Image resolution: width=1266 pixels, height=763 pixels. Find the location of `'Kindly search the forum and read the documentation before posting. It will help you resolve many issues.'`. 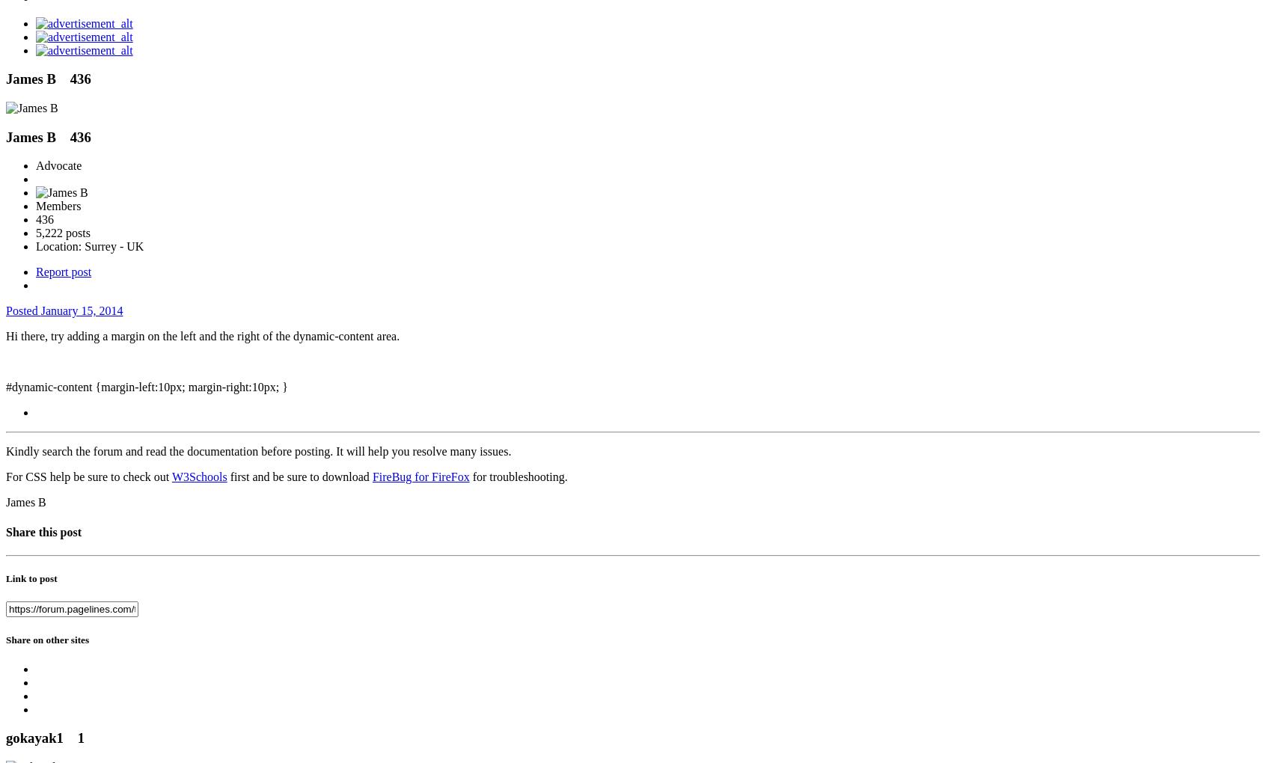

'Kindly search the forum and read the documentation before posting. It will help you resolve many issues.' is located at coordinates (257, 450).